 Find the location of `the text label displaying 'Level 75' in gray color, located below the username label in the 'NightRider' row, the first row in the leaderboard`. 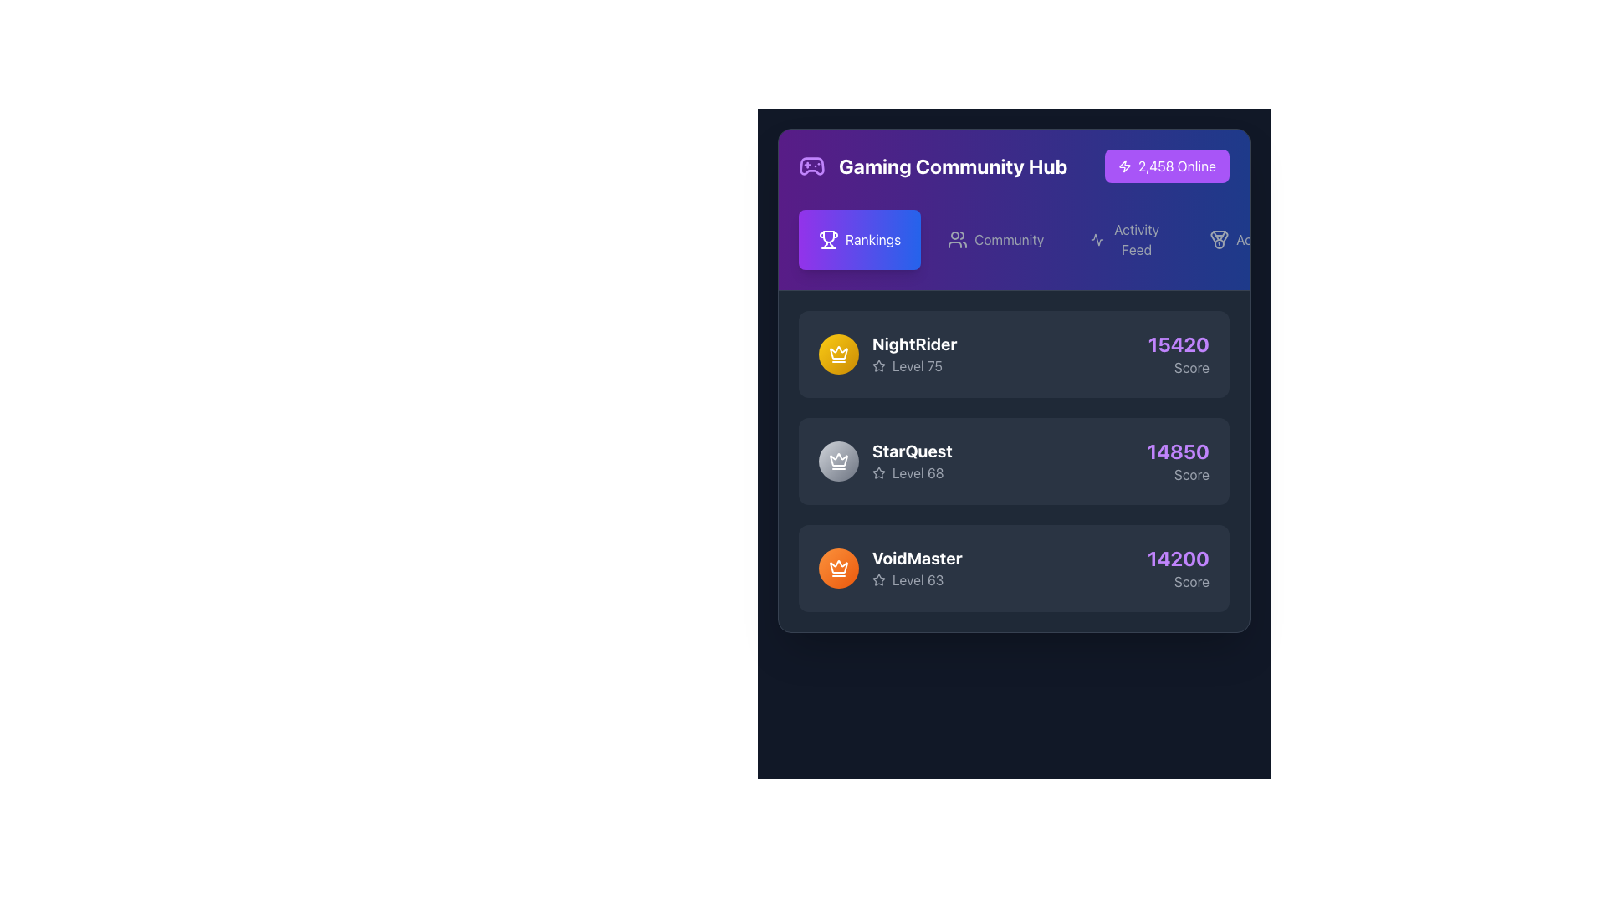

the text label displaying 'Level 75' in gray color, located below the username label in the 'NightRider' row, the first row in the leaderboard is located at coordinates (917, 365).